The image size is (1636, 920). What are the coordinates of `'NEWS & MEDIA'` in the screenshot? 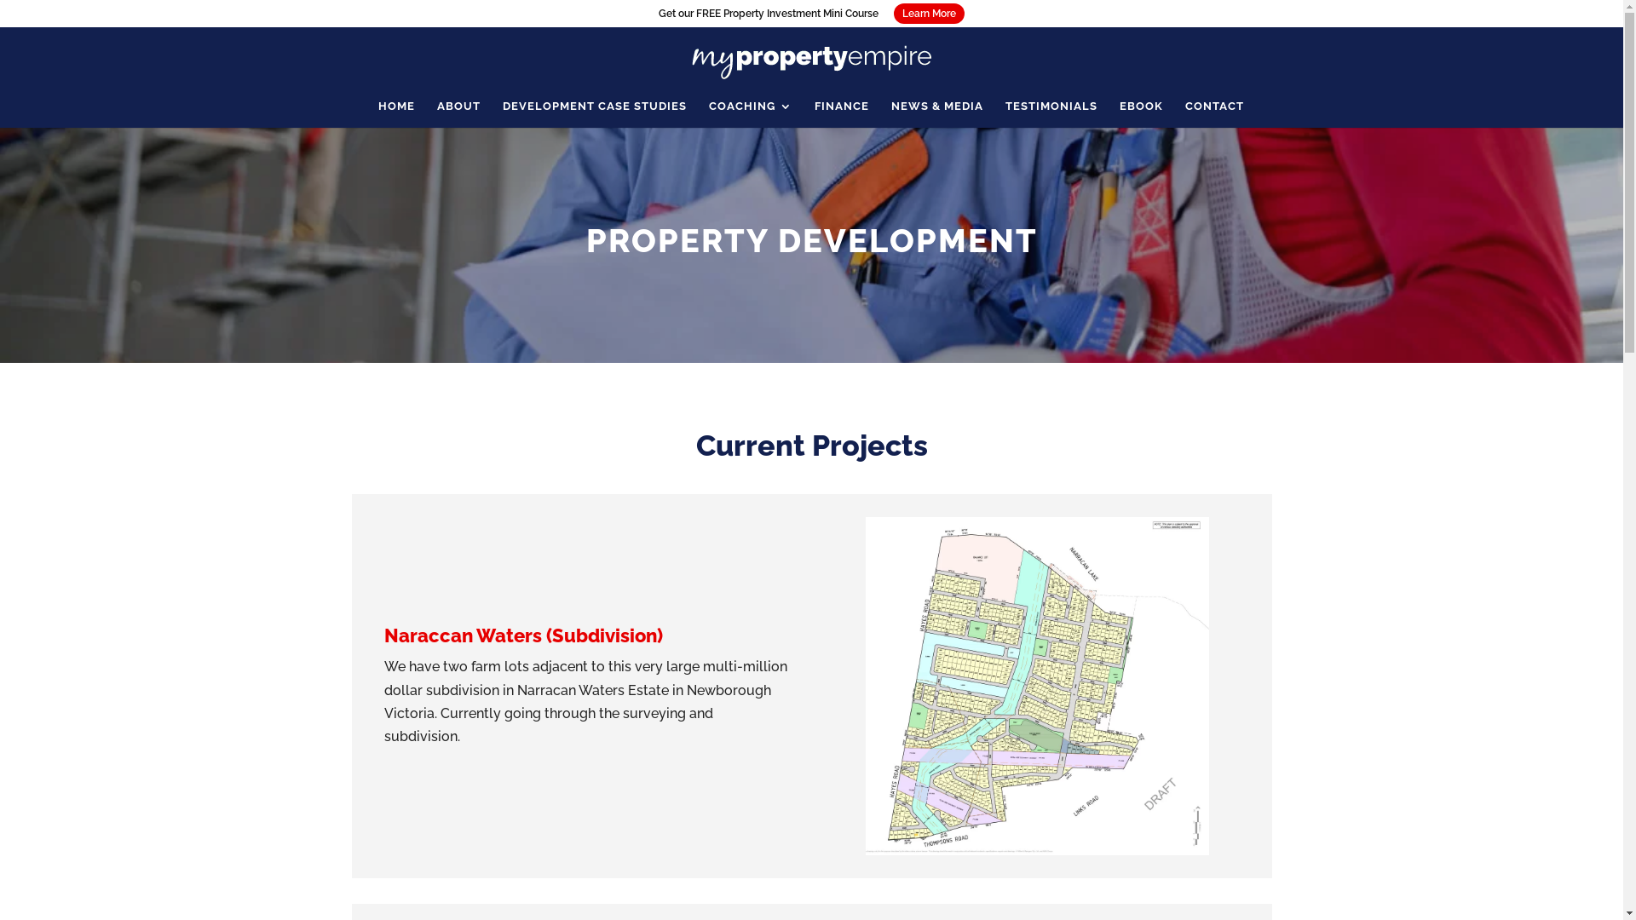 It's located at (936, 114).